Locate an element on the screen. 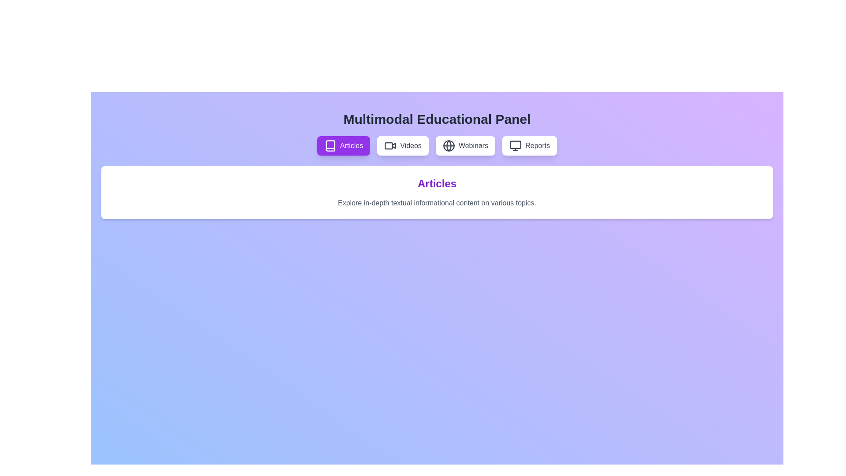 This screenshot has height=476, width=846. the interactive button in the navigation bar located beneath the 'Multimodal Educational Panel' title is located at coordinates (437, 145).